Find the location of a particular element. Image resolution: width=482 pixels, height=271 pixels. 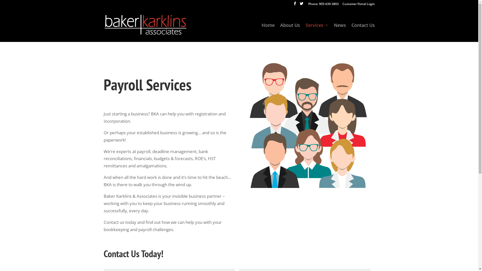

'About Us' is located at coordinates (290, 32).